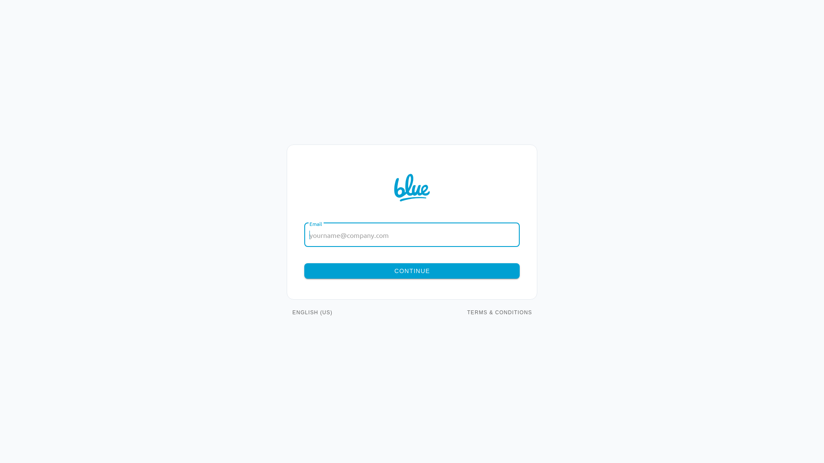 The width and height of the screenshot is (824, 463). Describe the element at coordinates (412, 271) in the screenshot. I see `'CONTINUE'` at that location.